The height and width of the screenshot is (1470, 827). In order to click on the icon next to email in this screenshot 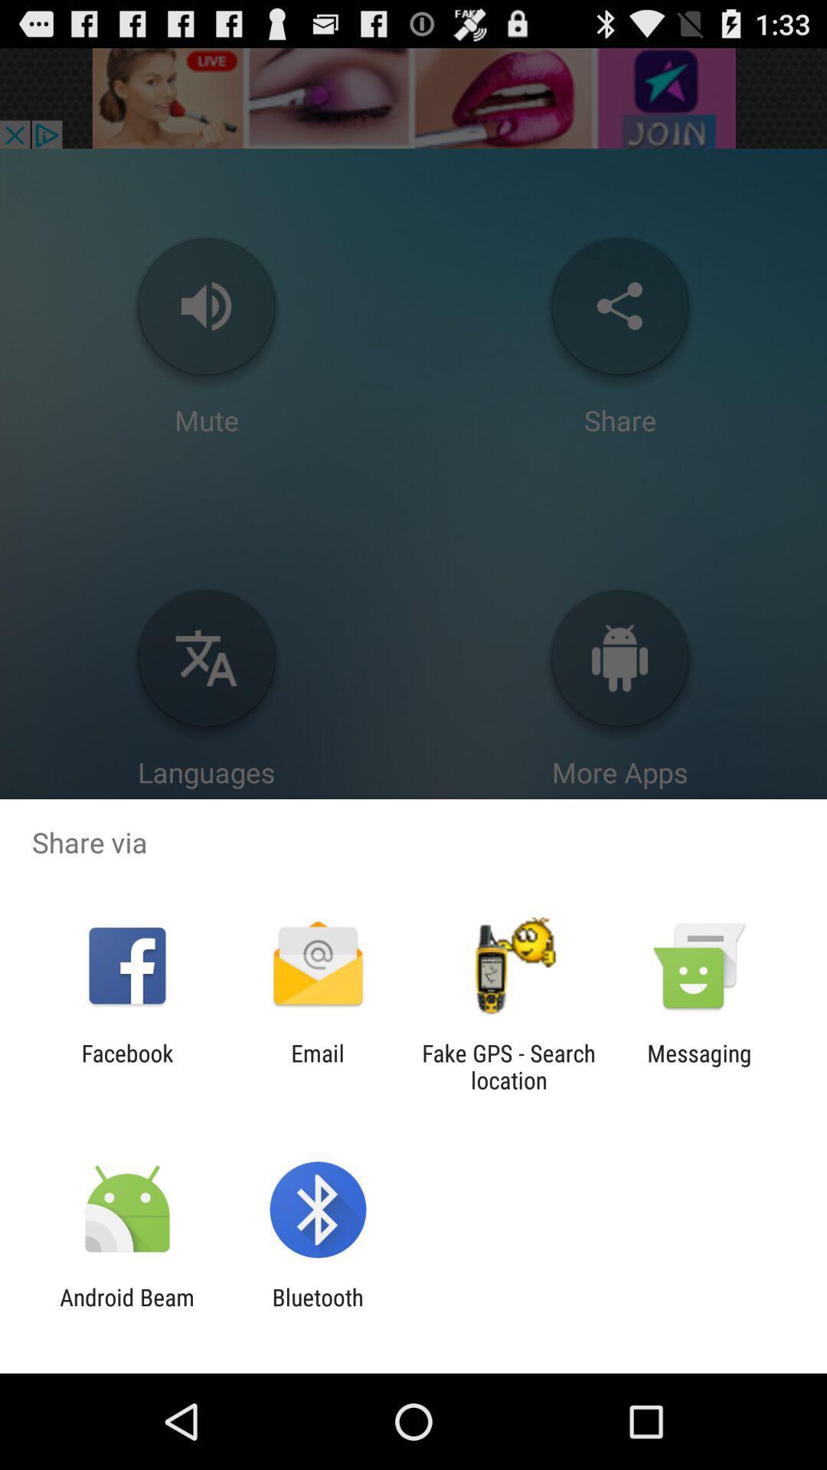, I will do `click(508, 1066)`.